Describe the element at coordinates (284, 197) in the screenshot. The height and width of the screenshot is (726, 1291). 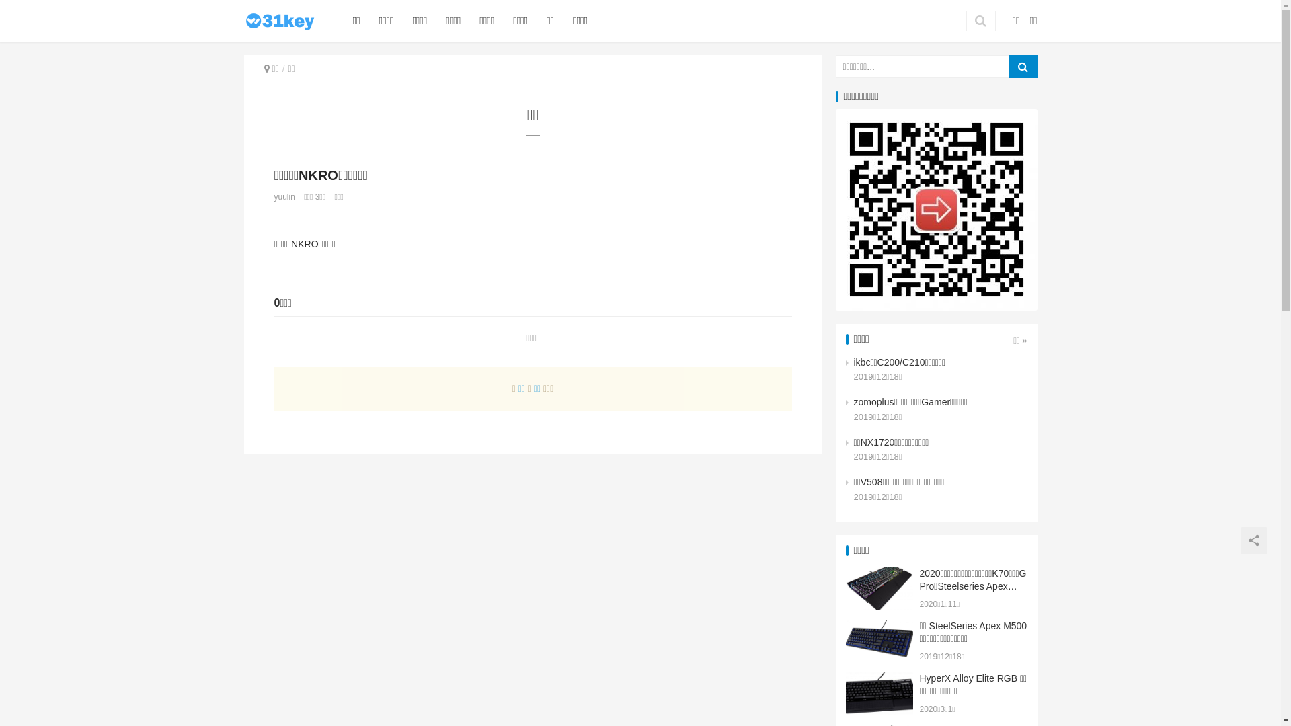
I see `'yuulin'` at that location.